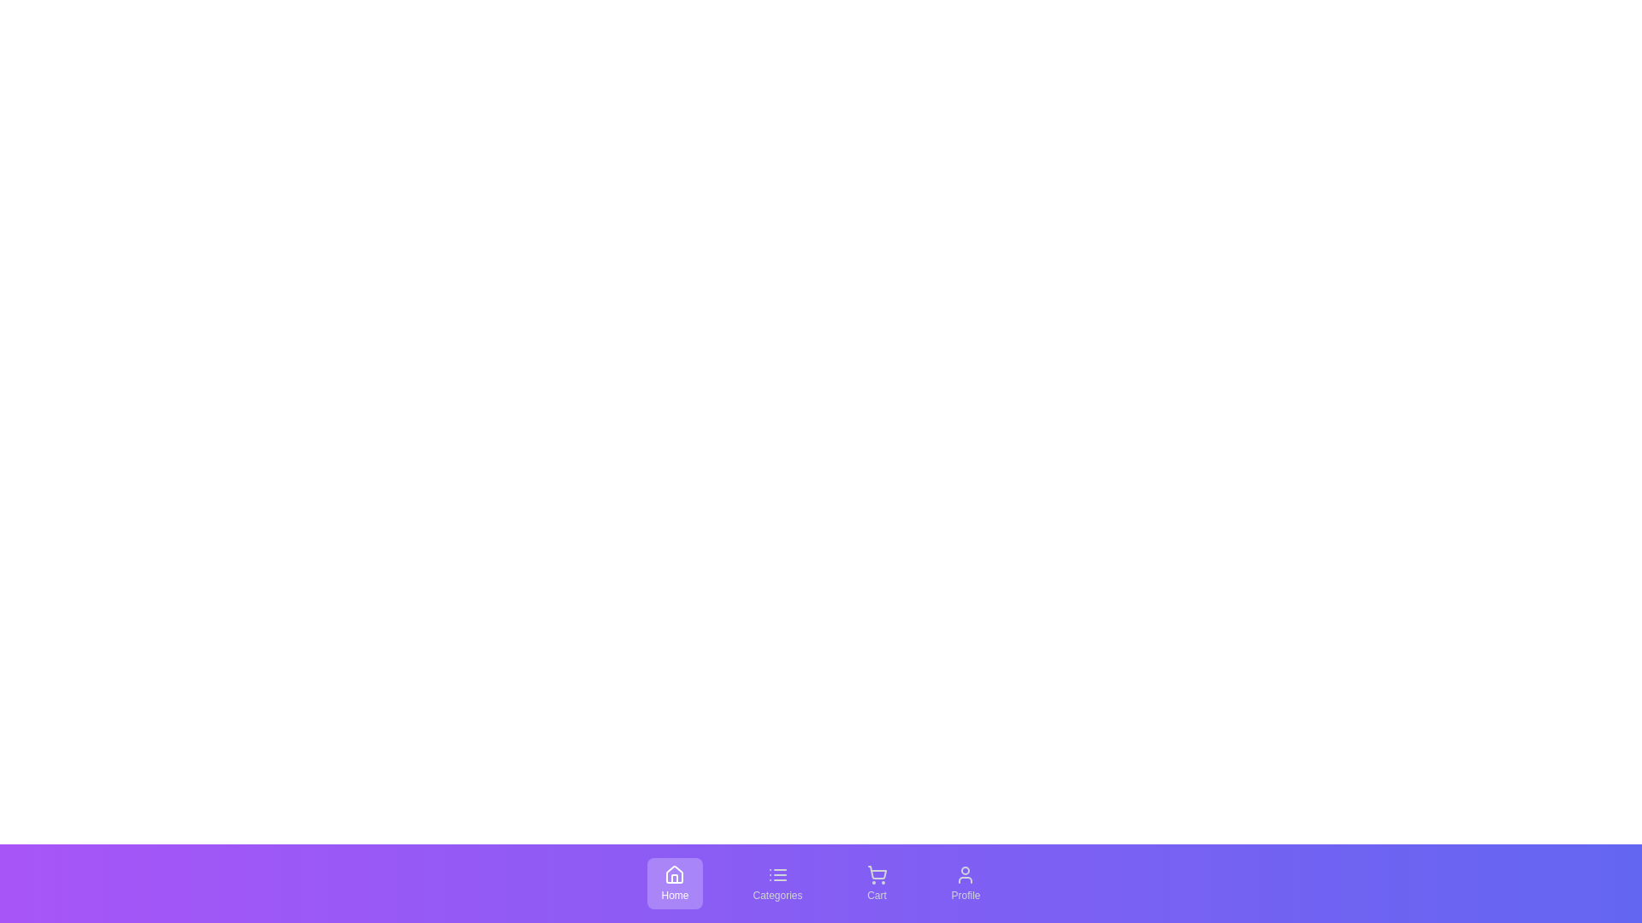 Image resolution: width=1642 pixels, height=923 pixels. I want to click on the tab labeled Profile to see its hover effect, so click(966, 883).